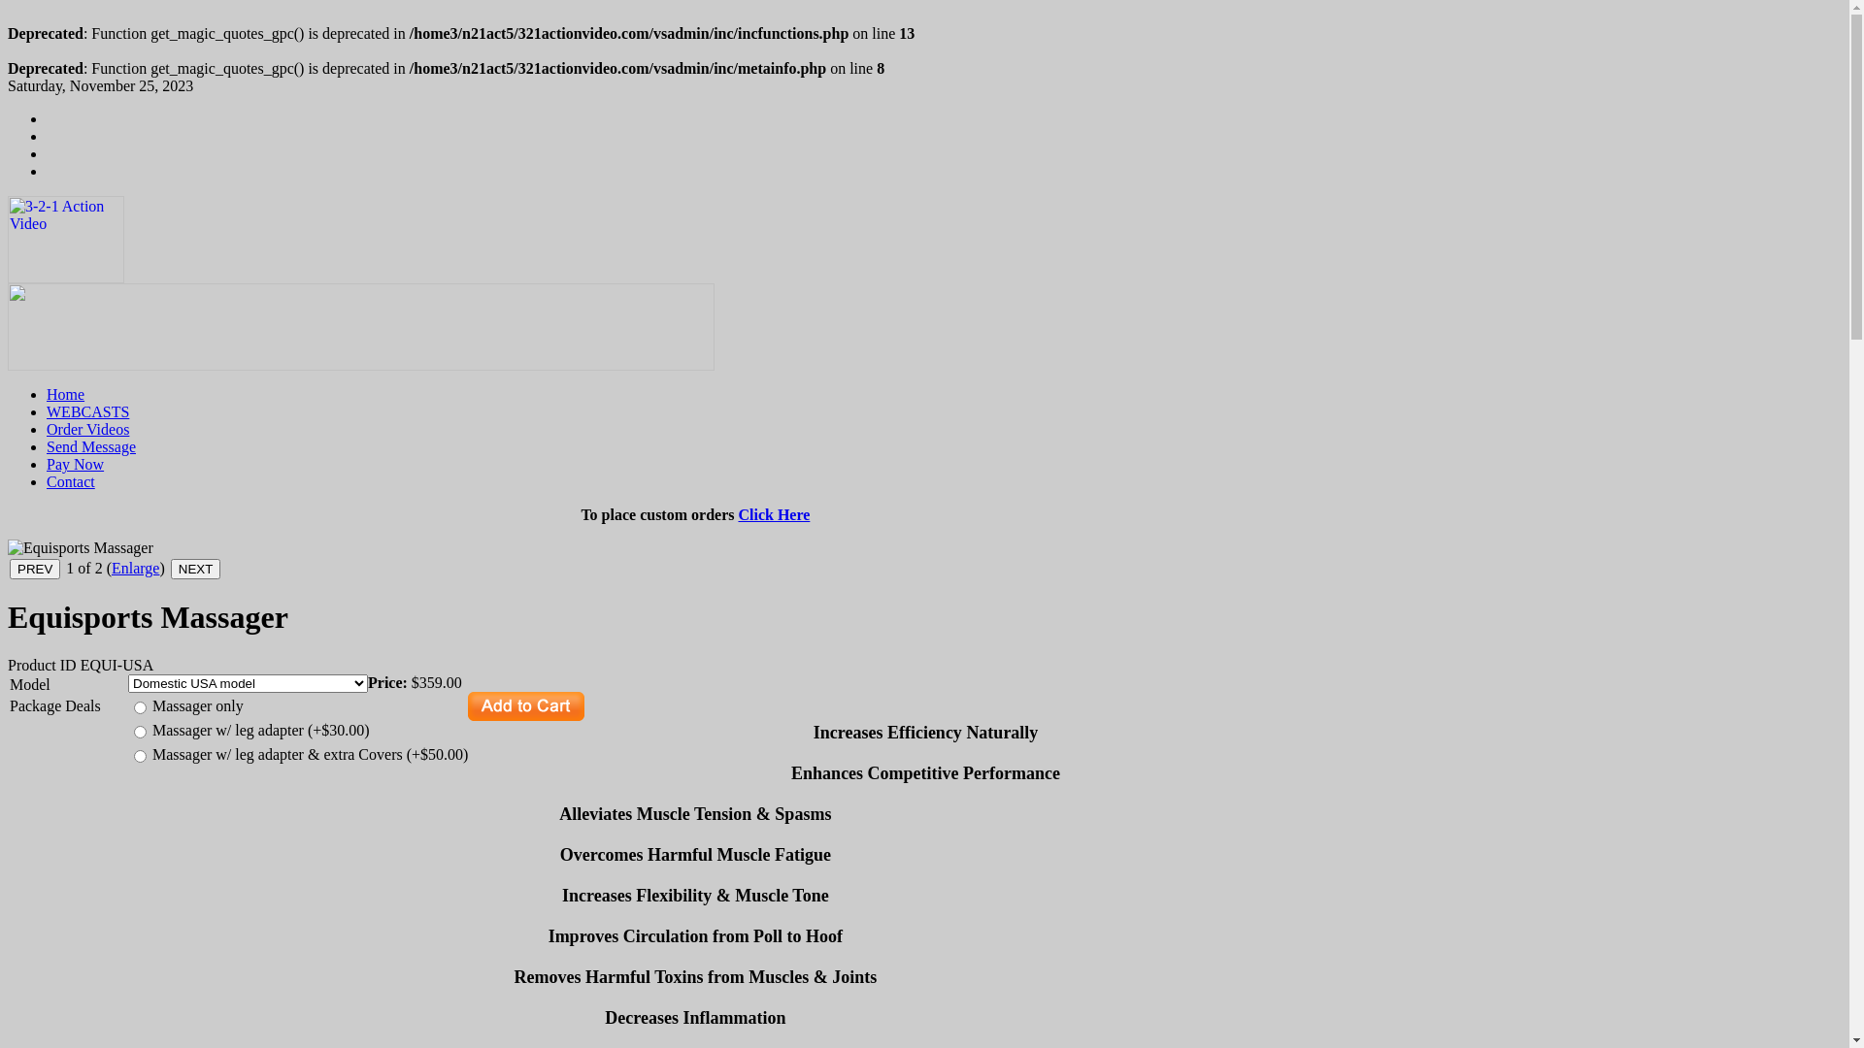  What do you see at coordinates (139, 707) in the screenshot?
I see `'147'` at bounding box center [139, 707].